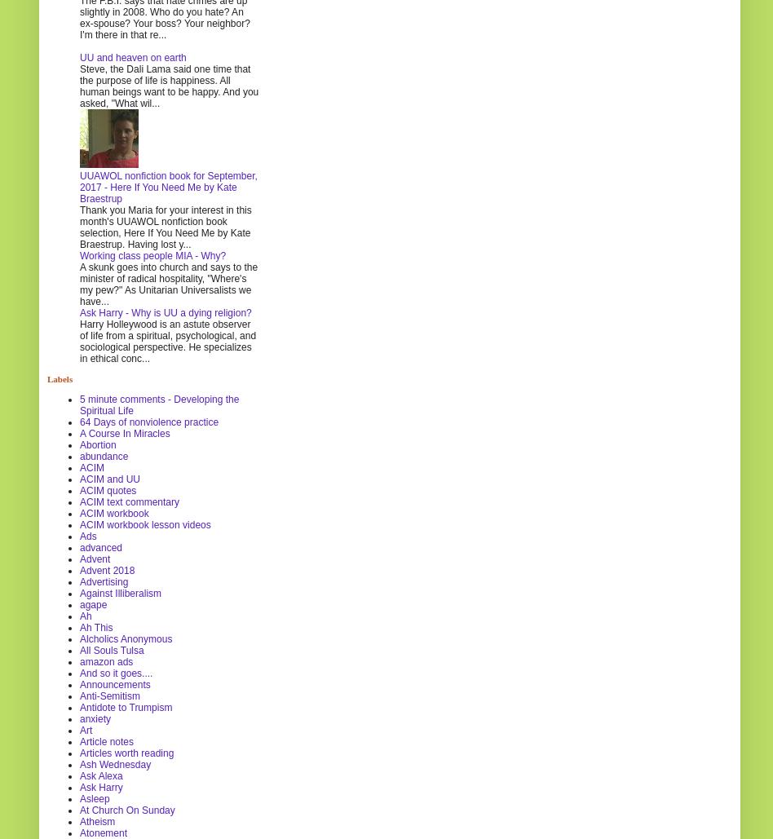 Image resolution: width=773 pixels, height=839 pixels. What do you see at coordinates (152, 255) in the screenshot?
I see `'Working class people MIA - Why?'` at bounding box center [152, 255].